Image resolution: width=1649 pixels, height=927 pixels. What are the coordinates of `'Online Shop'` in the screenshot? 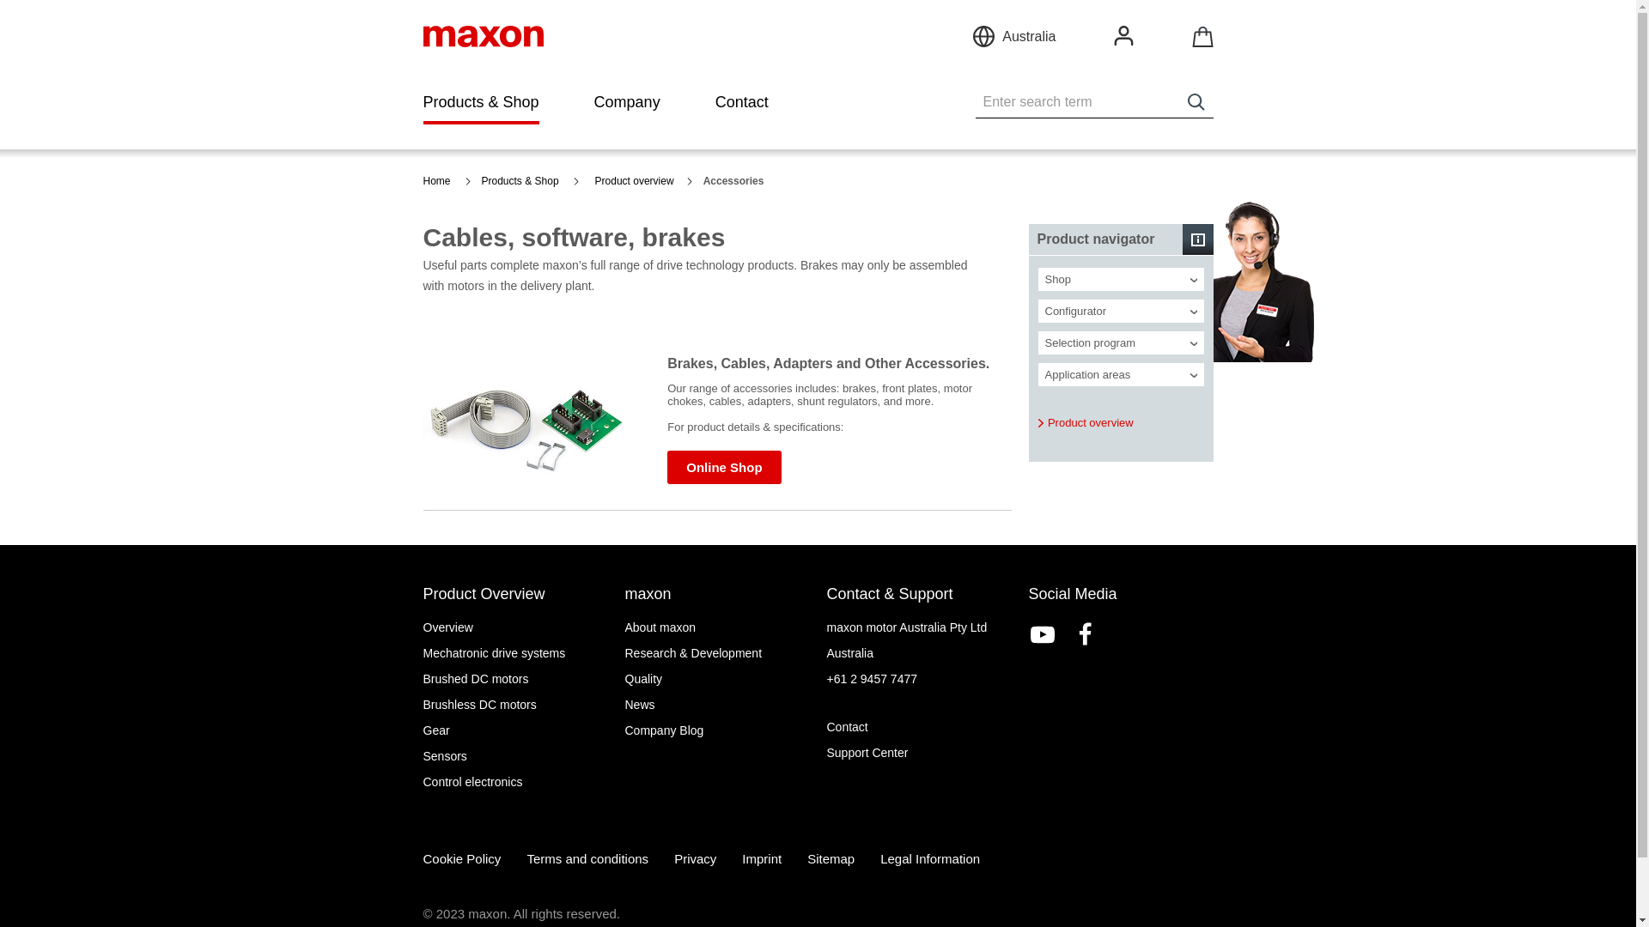 It's located at (666, 467).